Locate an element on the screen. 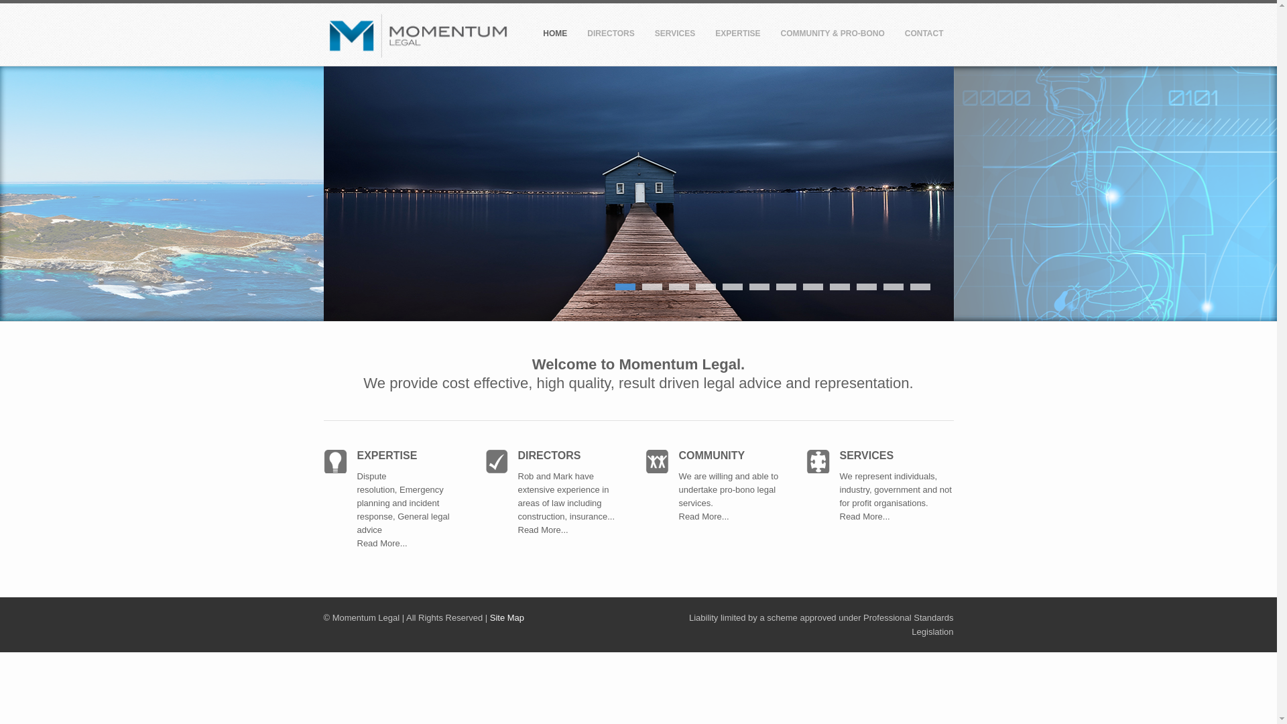 This screenshot has width=1287, height=724. '8' is located at coordinates (812, 286).